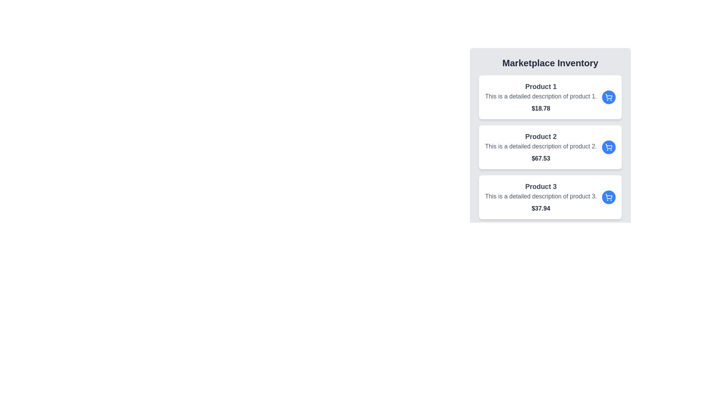  I want to click on description text located below the title 'Product 2' and above the price '$67.53' in the Marketplace Inventory grid, so click(540, 146).